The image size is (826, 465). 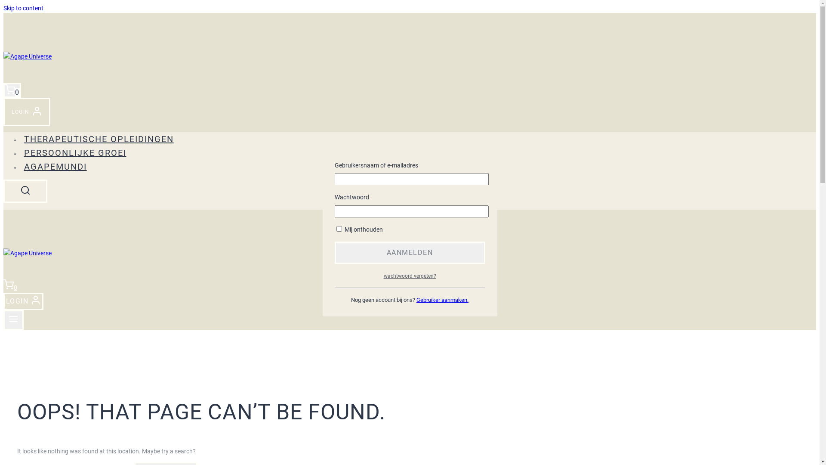 I want to click on 'SEARCH', so click(x=25, y=190).